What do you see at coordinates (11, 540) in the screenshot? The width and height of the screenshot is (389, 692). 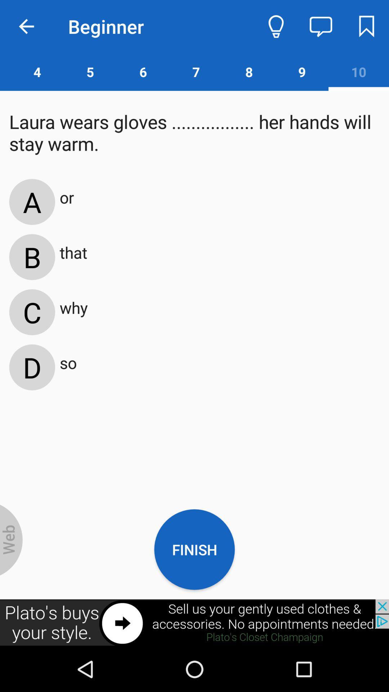 I see `open web browser` at bounding box center [11, 540].